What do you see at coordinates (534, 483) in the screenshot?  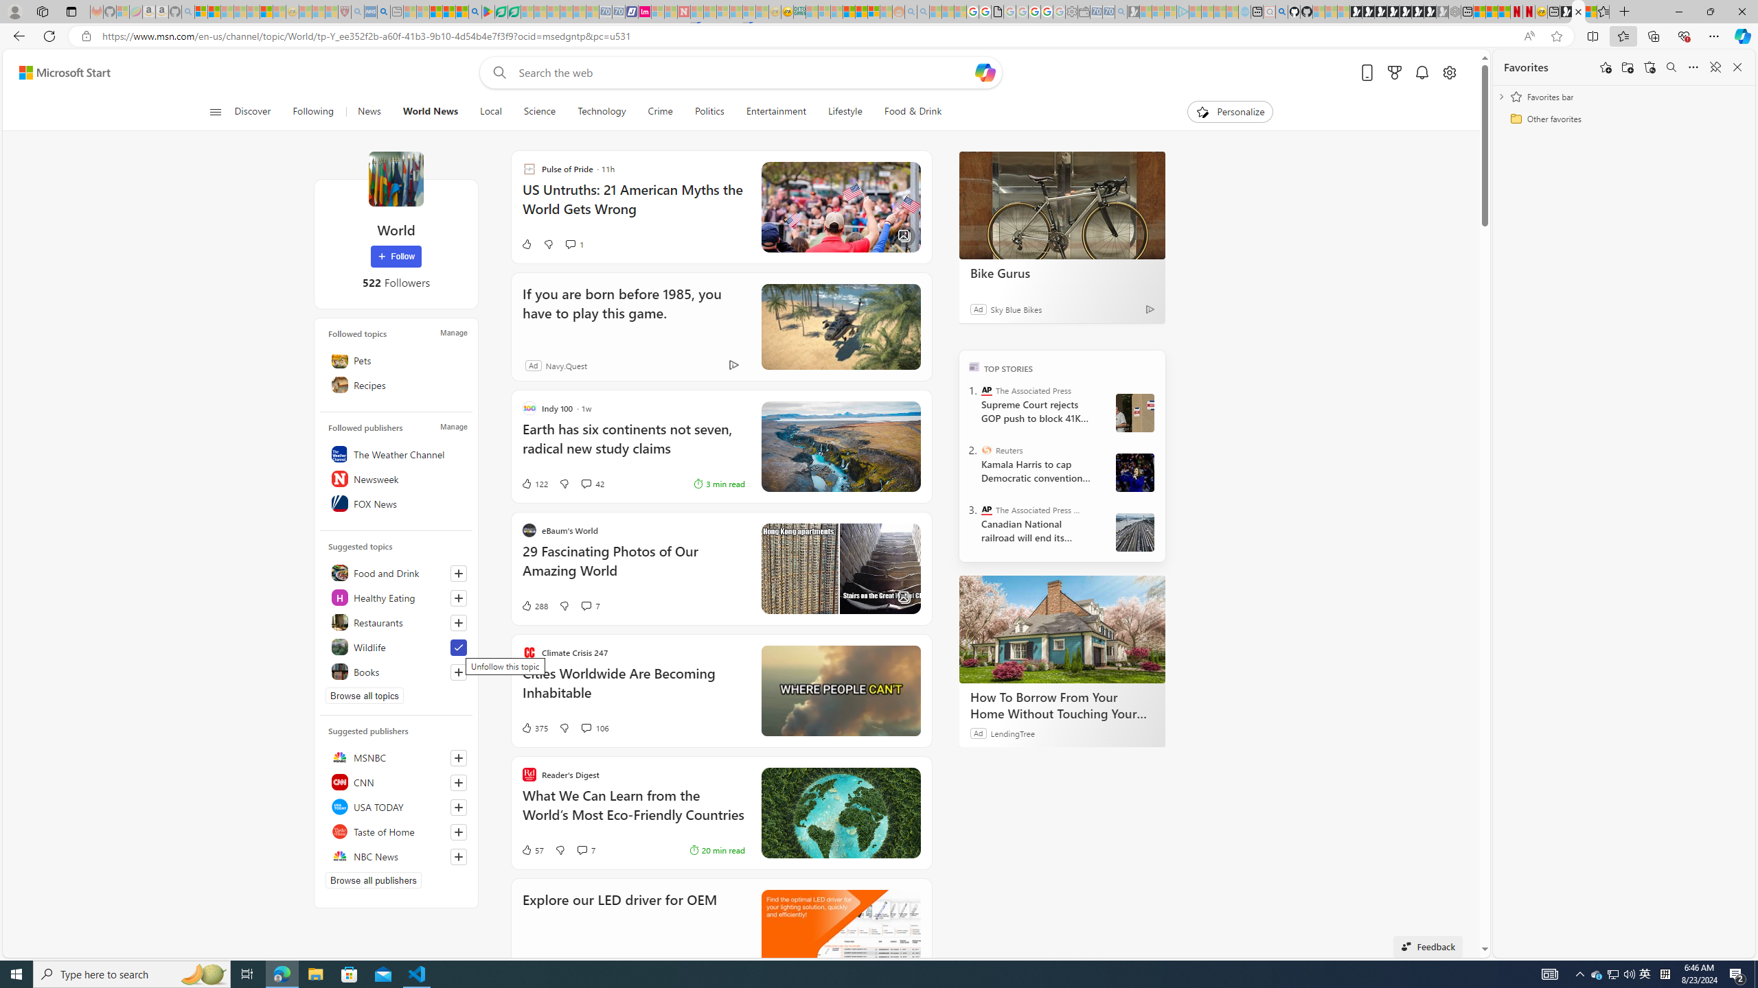 I see `'122 Like'` at bounding box center [534, 483].